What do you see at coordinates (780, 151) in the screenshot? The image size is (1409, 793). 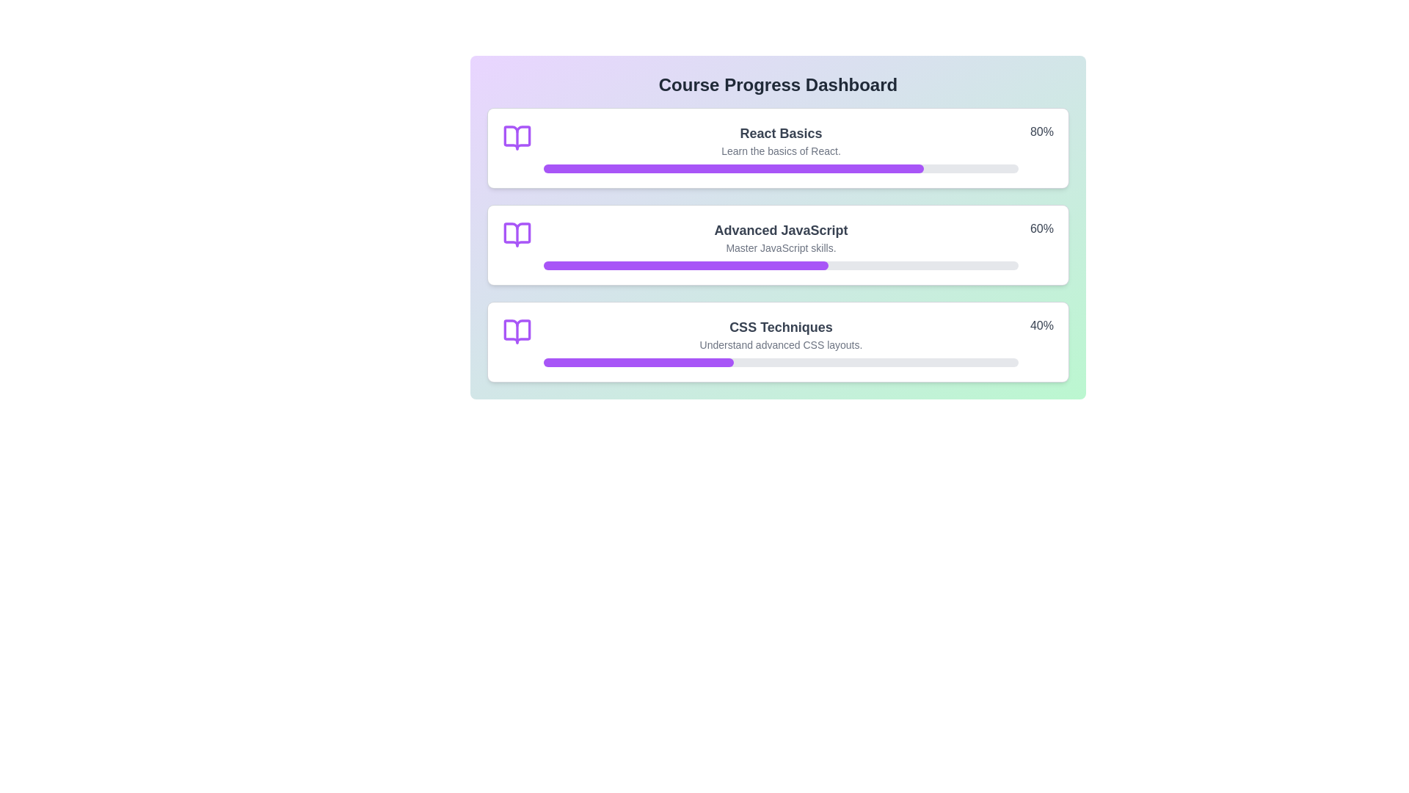 I see `the text element that reads 'Learn the basics of React.', which is styled with a small gray font and positioned directly below the title 'React Basics' in the first card of the course progress dashboard` at bounding box center [780, 151].